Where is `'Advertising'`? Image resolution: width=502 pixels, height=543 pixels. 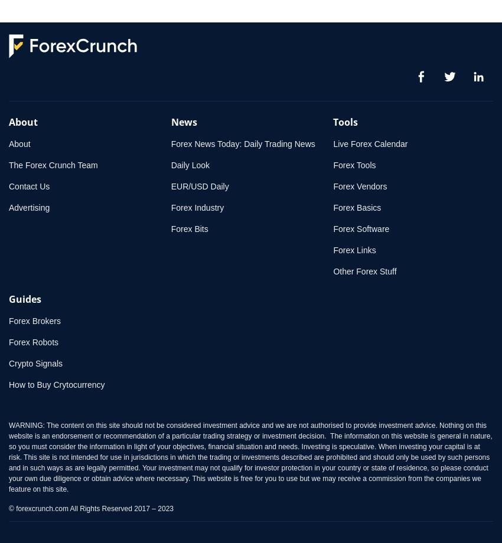
'Advertising' is located at coordinates (29, 207).